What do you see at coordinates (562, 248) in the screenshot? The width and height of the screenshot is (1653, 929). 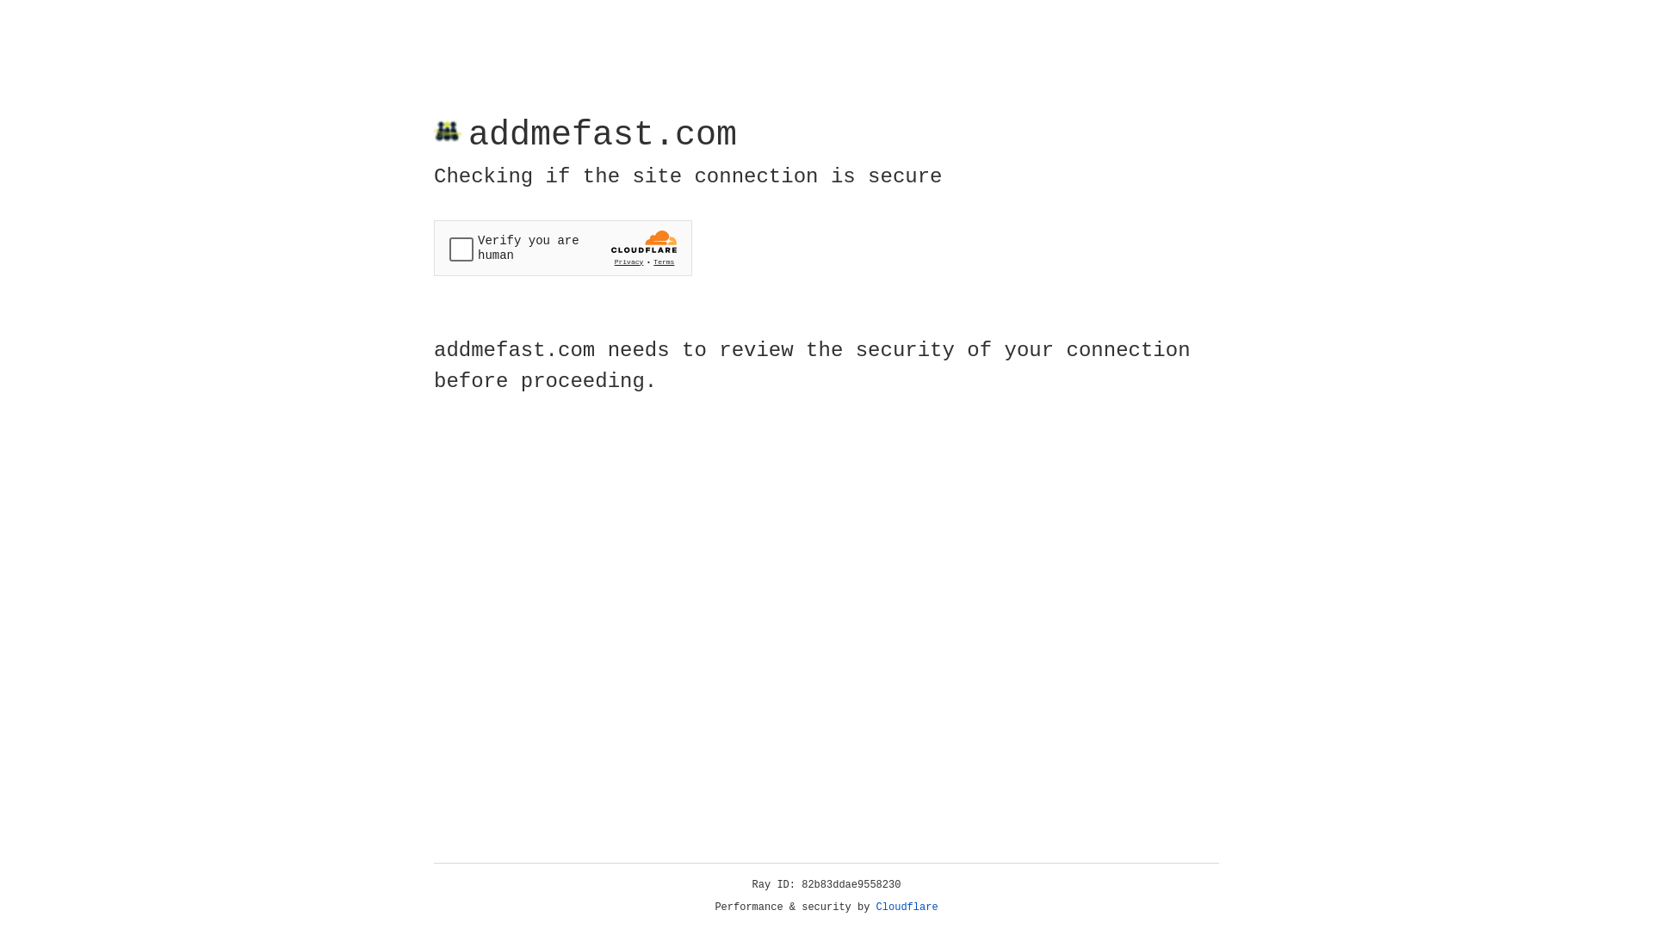 I see `'Widget containing a Cloudflare security challenge'` at bounding box center [562, 248].